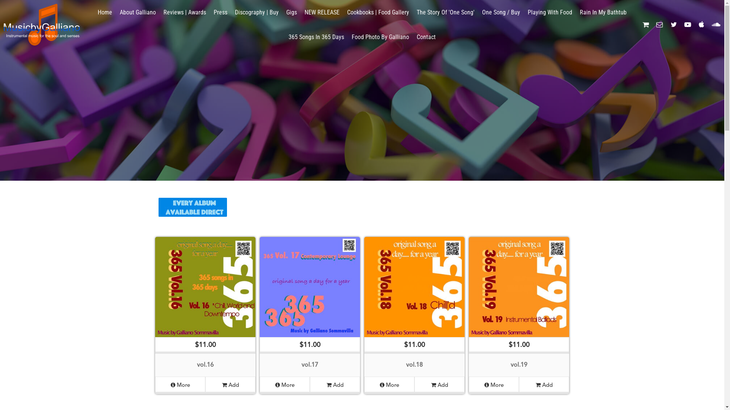 The image size is (730, 410). I want to click on 'Gigs', so click(282, 12).